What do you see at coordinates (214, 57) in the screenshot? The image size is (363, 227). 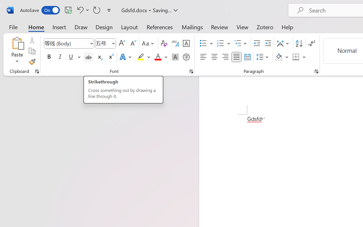 I see `'Center'` at bounding box center [214, 57].